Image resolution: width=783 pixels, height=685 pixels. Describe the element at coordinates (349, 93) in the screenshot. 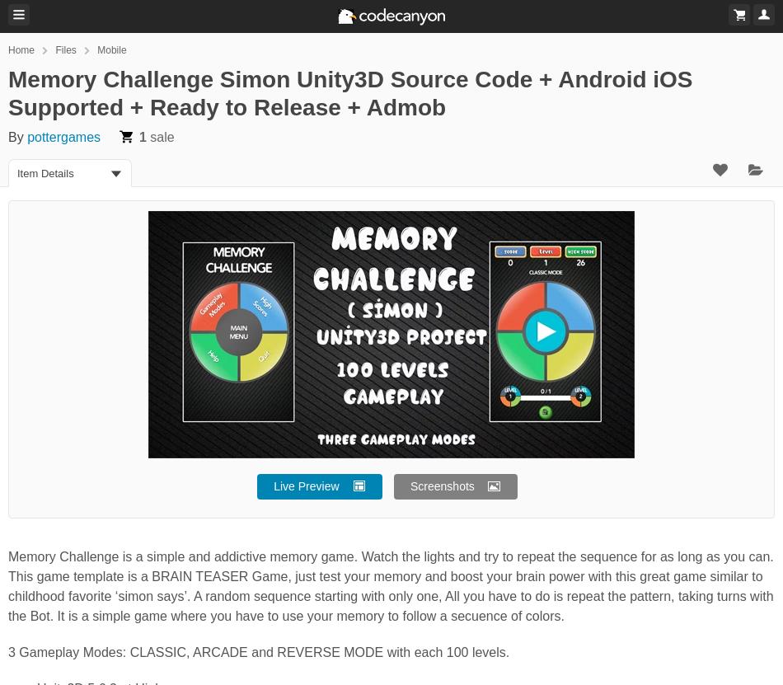

I see `'Memory Challenge Simon Unity3D Source Code + Android iOS Supported + Ready to Release + Admob'` at that location.